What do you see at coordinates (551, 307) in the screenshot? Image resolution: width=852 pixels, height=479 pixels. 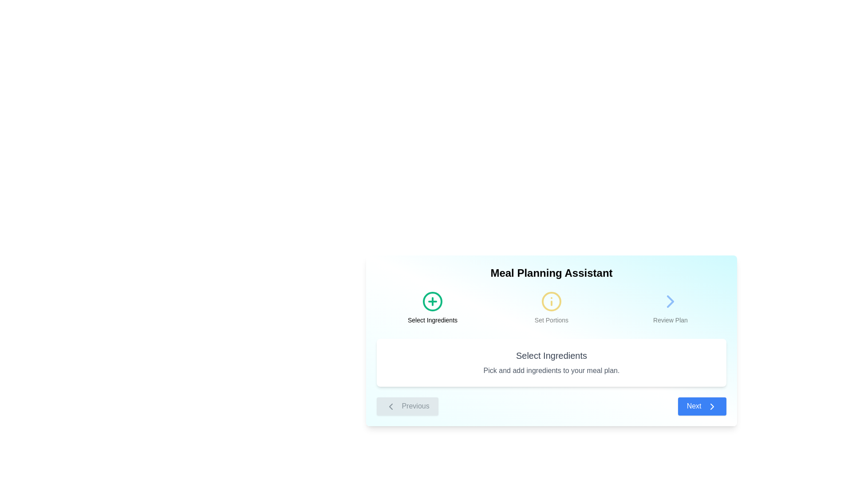 I see `the middle button in the icon group labeled 'Set Portions' which is characterized by a yellow circle containing an information symbol` at bounding box center [551, 307].